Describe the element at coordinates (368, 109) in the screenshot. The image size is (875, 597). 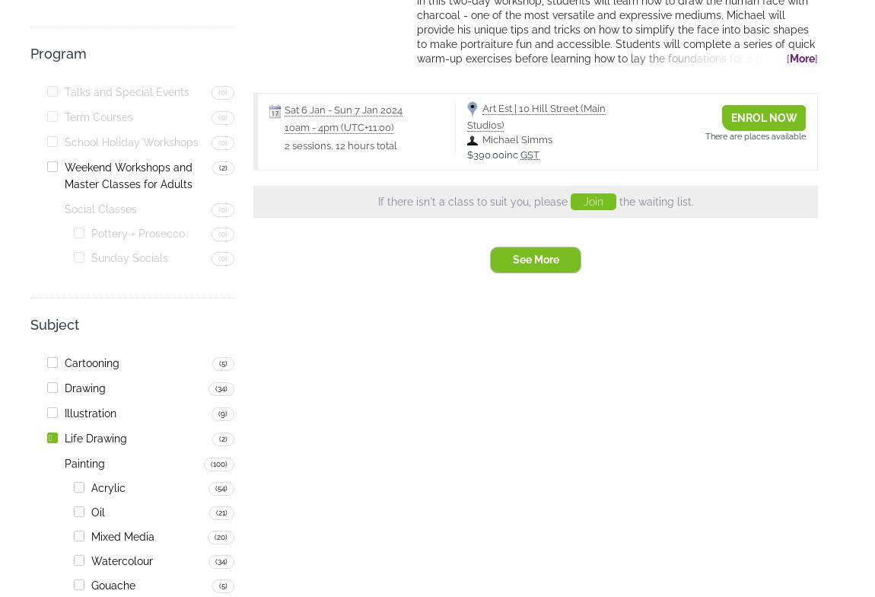
I see `'Sun 7 Jan 2024'` at that location.